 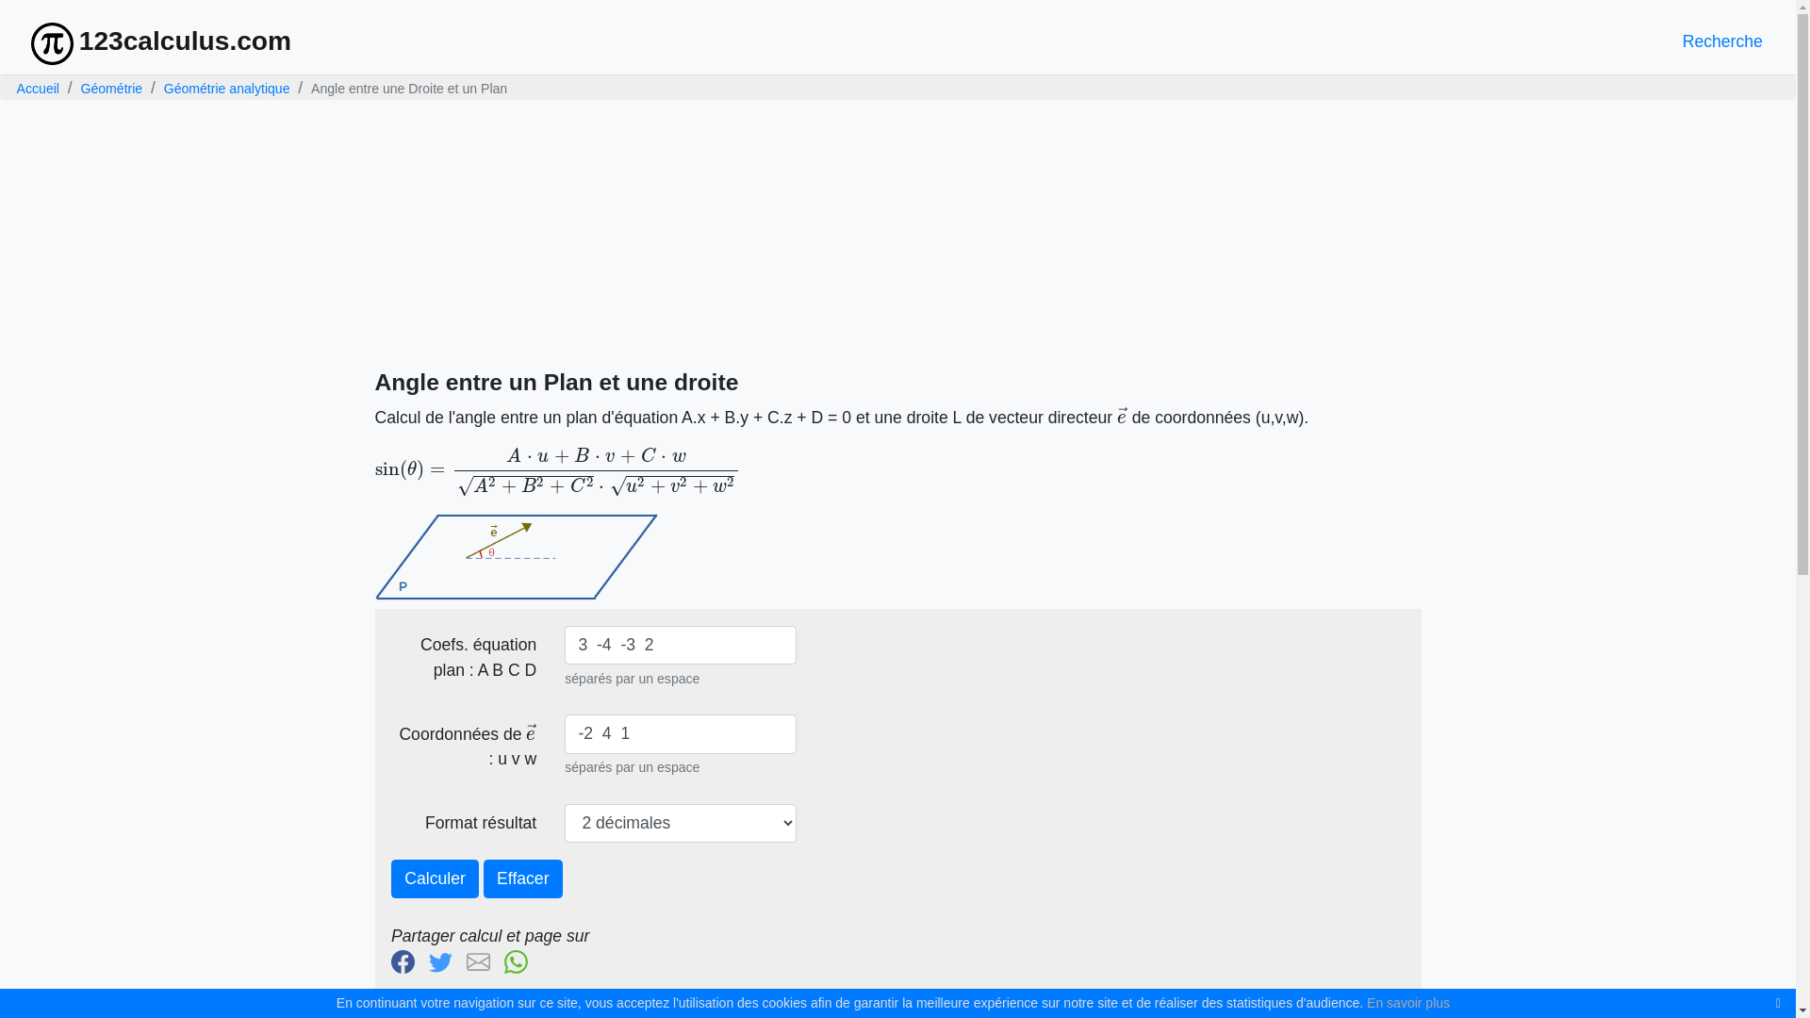 I want to click on 'Partager sur Whatsapp', so click(x=503, y=960).